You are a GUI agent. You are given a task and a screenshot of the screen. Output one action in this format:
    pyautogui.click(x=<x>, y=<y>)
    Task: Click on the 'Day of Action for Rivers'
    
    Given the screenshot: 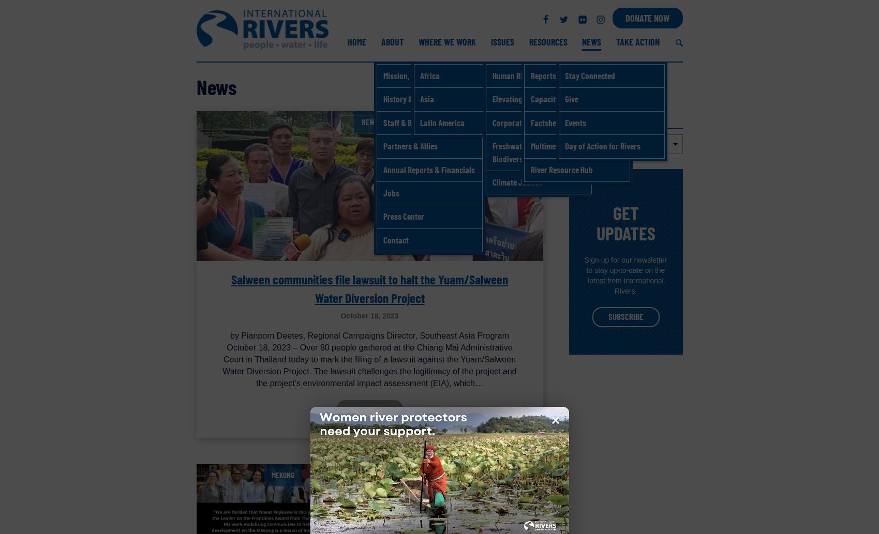 What is the action you would take?
    pyautogui.click(x=603, y=145)
    